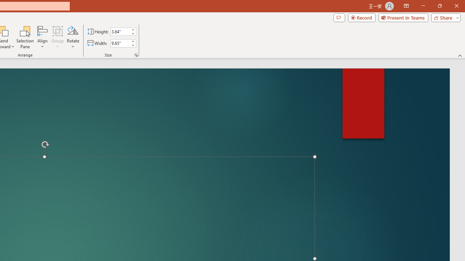  I want to click on 'Collapse the Ribbon', so click(460, 55).